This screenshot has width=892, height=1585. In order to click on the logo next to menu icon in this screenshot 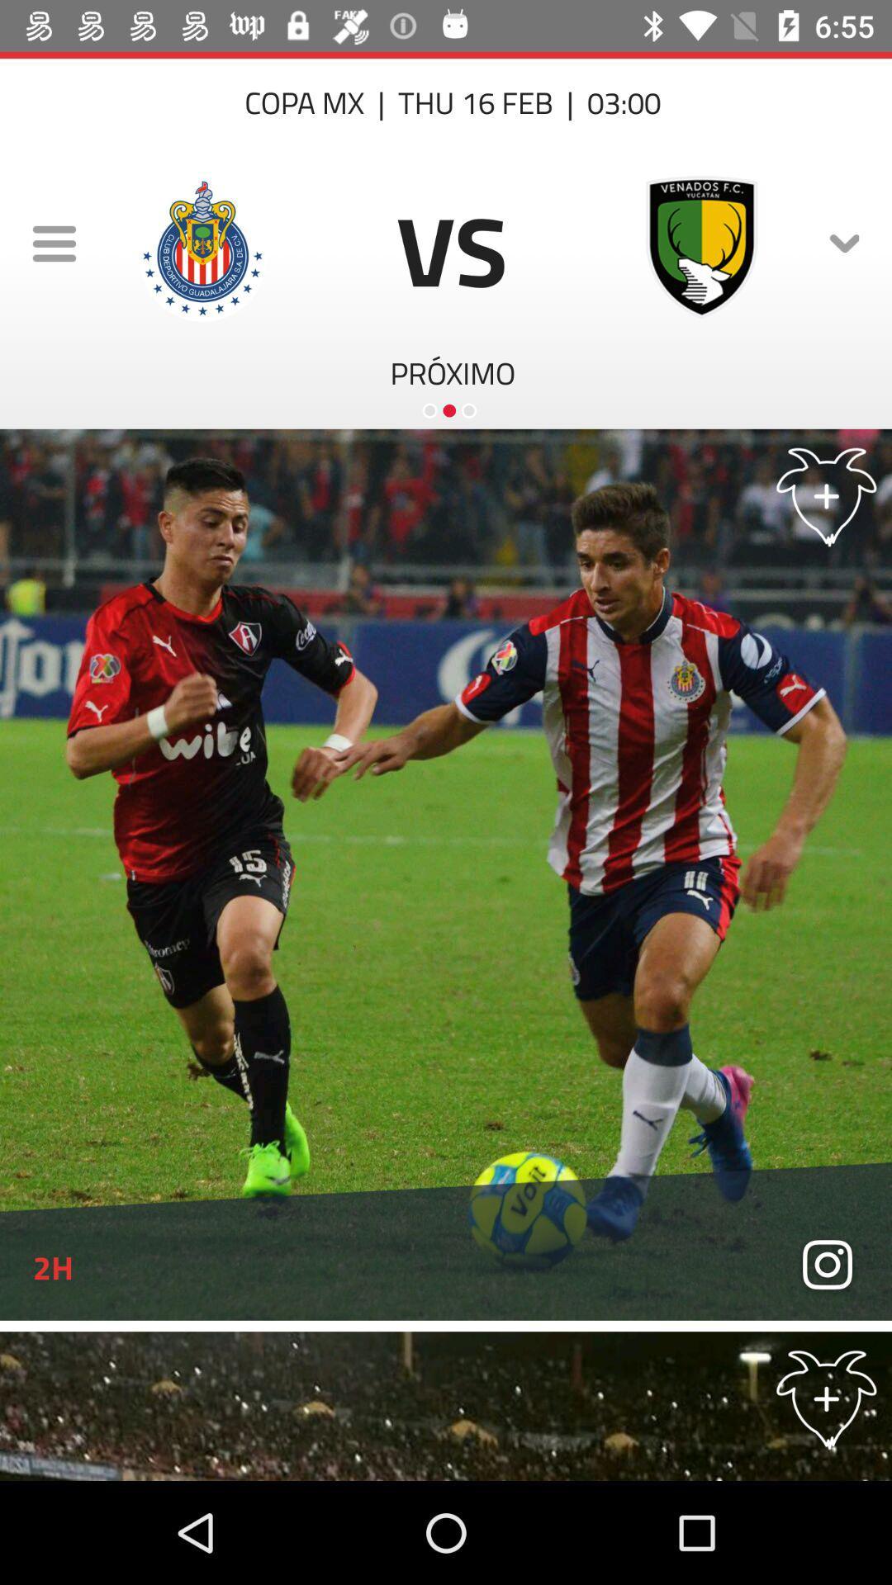, I will do `click(202, 246)`.